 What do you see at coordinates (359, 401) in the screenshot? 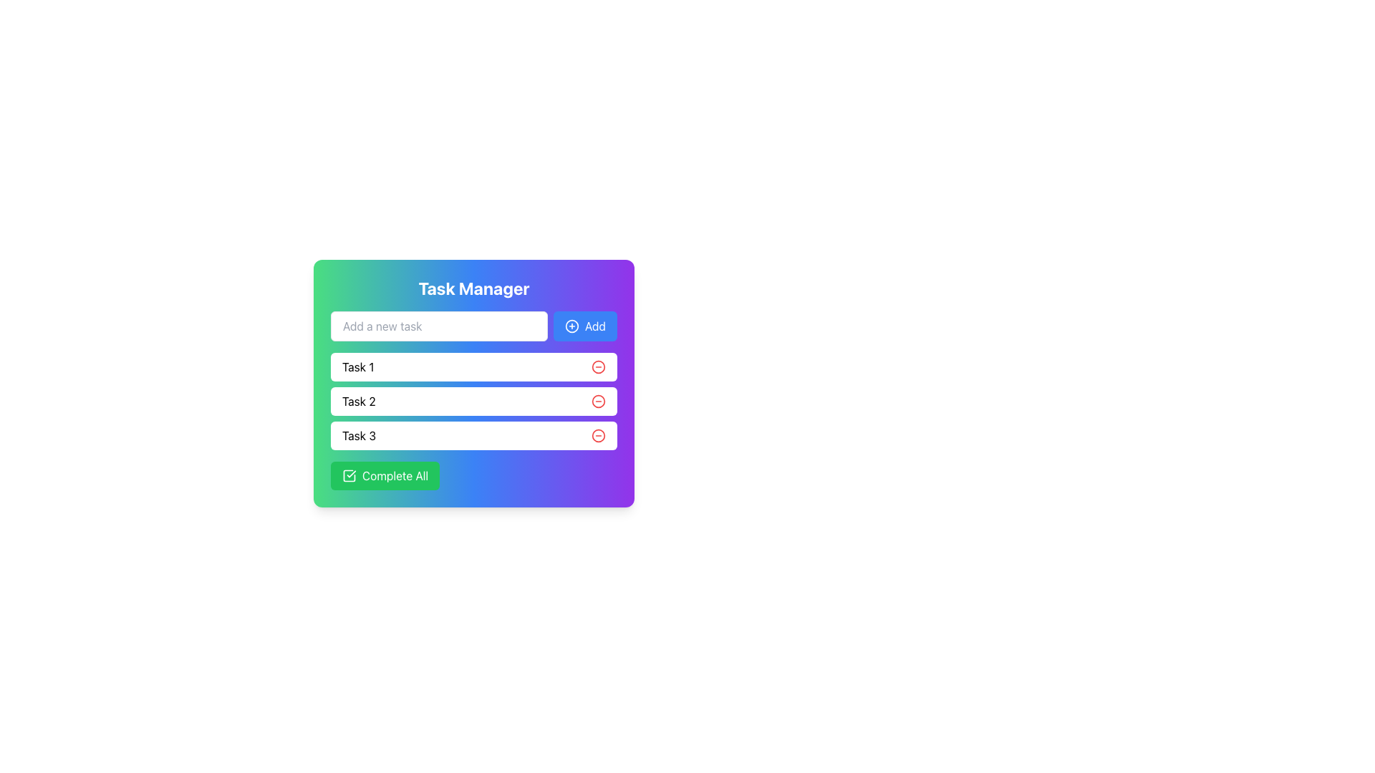
I see `the Text Label displaying the second task in the list, located between 'Task 1' and 'Task 3'` at bounding box center [359, 401].